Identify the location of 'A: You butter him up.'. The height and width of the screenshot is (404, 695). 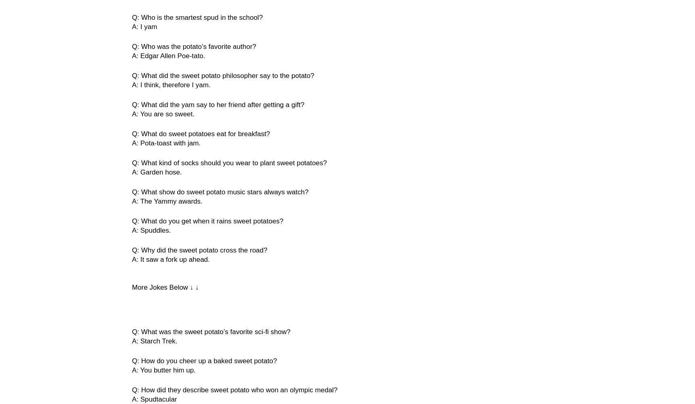
(163, 370).